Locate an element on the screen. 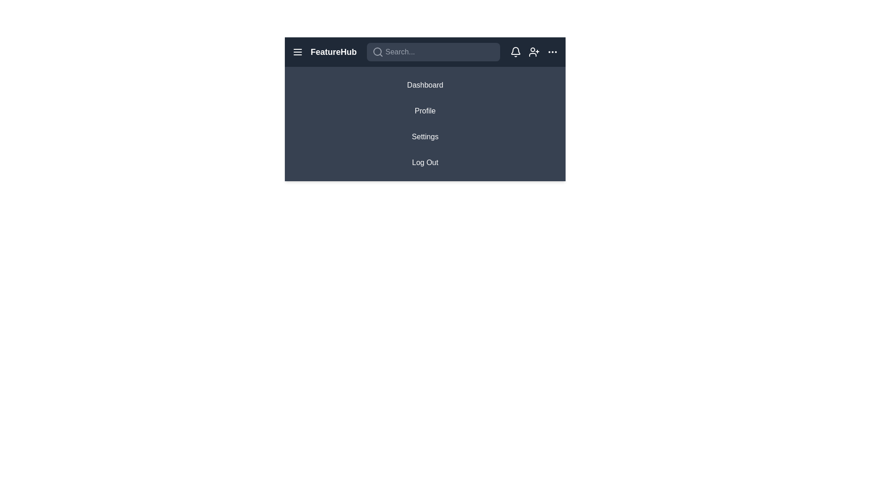 This screenshot has height=498, width=885. the magnifying glass icon located on the left side inside the search bar field is located at coordinates (378, 52).